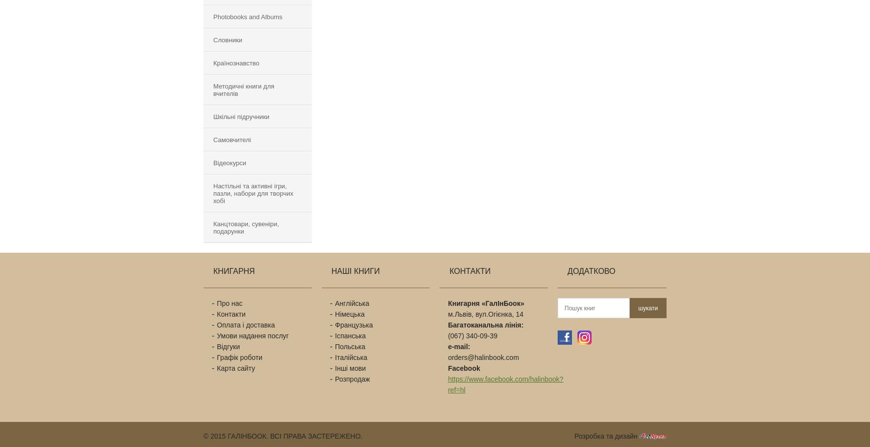 The height and width of the screenshot is (447, 870). I want to click on 'Канцтовари, сувеніри, подарунки', so click(246, 228).